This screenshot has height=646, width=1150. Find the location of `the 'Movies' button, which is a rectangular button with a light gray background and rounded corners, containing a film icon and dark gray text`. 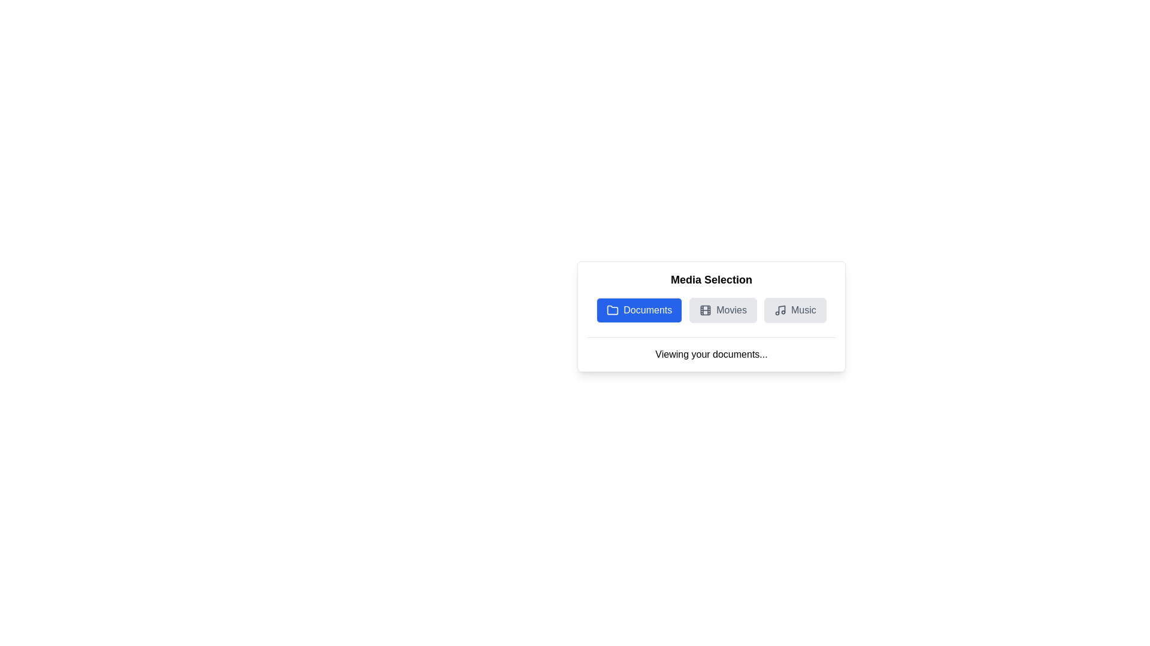

the 'Movies' button, which is a rectangular button with a light gray background and rounded corners, containing a film icon and dark gray text is located at coordinates (722, 310).